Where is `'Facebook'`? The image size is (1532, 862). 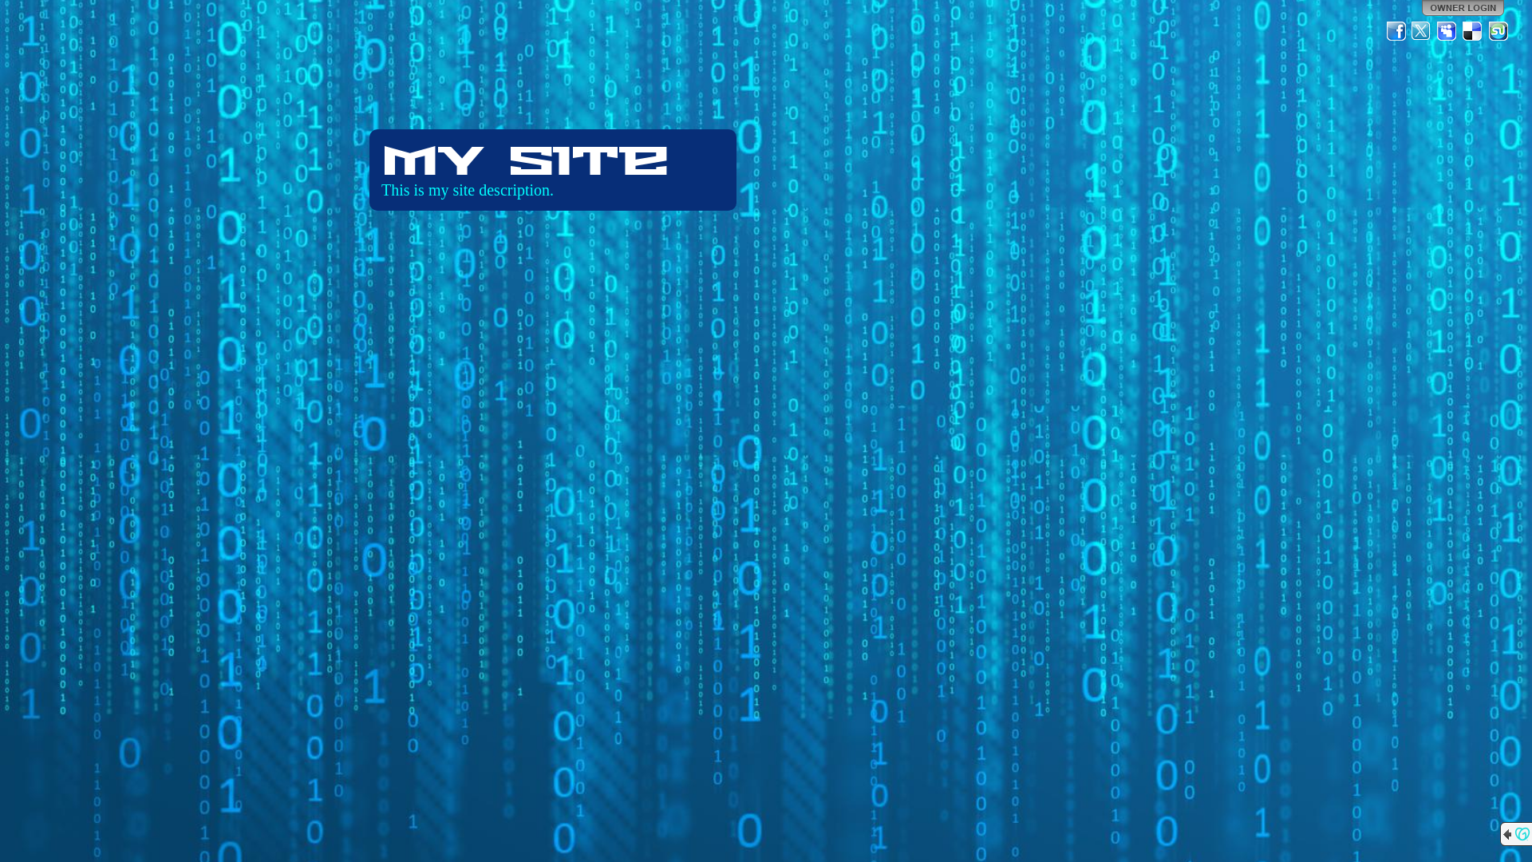
'Facebook' is located at coordinates (1396, 30).